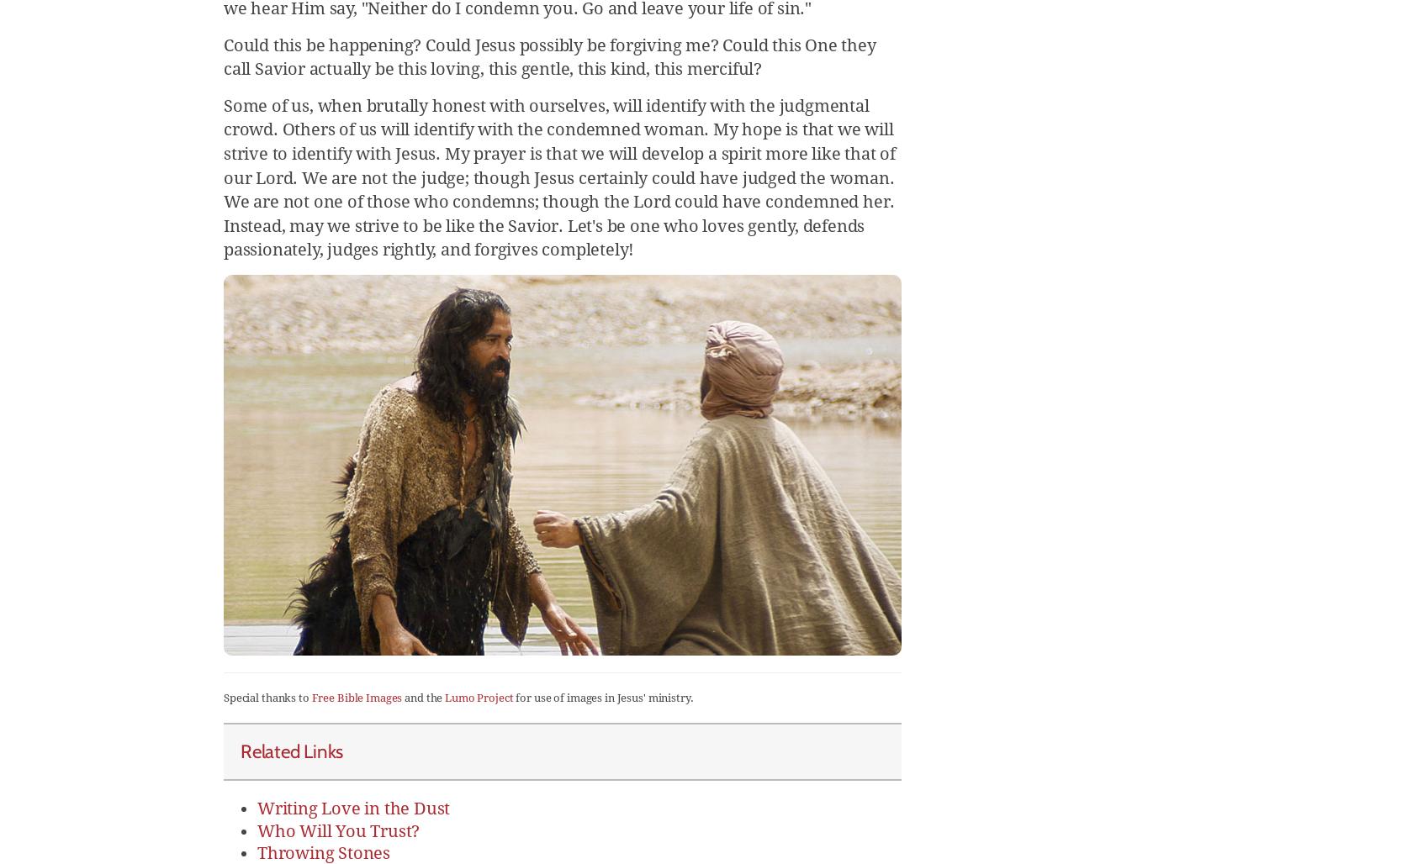 This screenshot has width=1423, height=864. What do you see at coordinates (291, 750) in the screenshot?
I see `'Related Links'` at bounding box center [291, 750].